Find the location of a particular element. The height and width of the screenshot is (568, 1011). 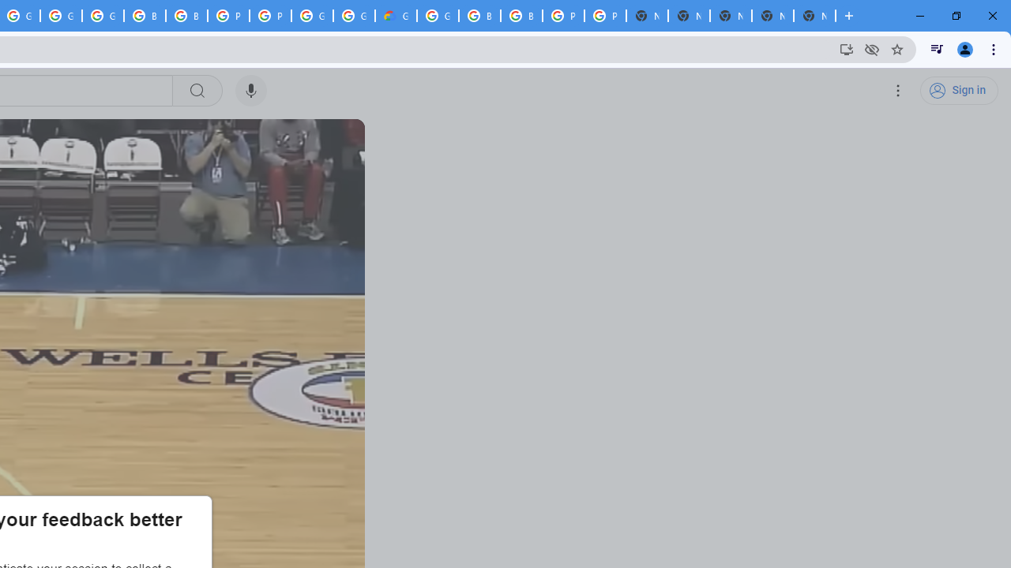

'Browse Chrome as a guest - Computer - Google Chrome Help' is located at coordinates (186, 16).